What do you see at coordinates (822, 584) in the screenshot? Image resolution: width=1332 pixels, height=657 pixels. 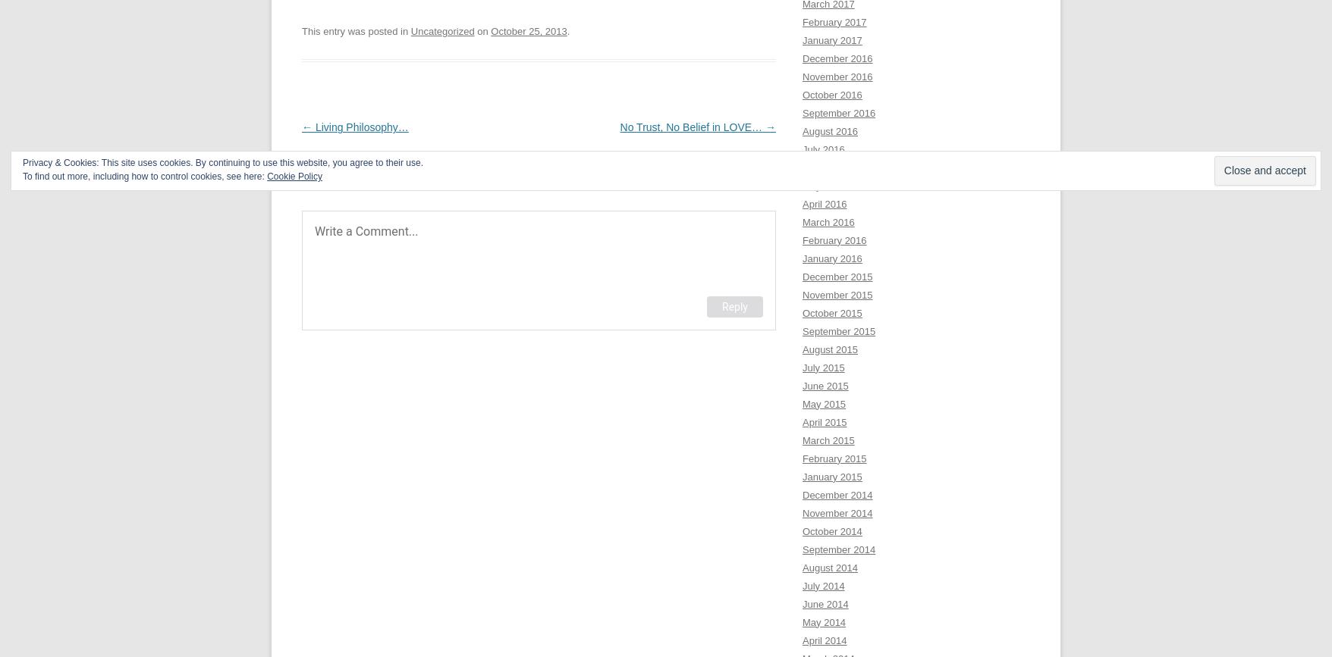 I see `'July 2014'` at bounding box center [822, 584].